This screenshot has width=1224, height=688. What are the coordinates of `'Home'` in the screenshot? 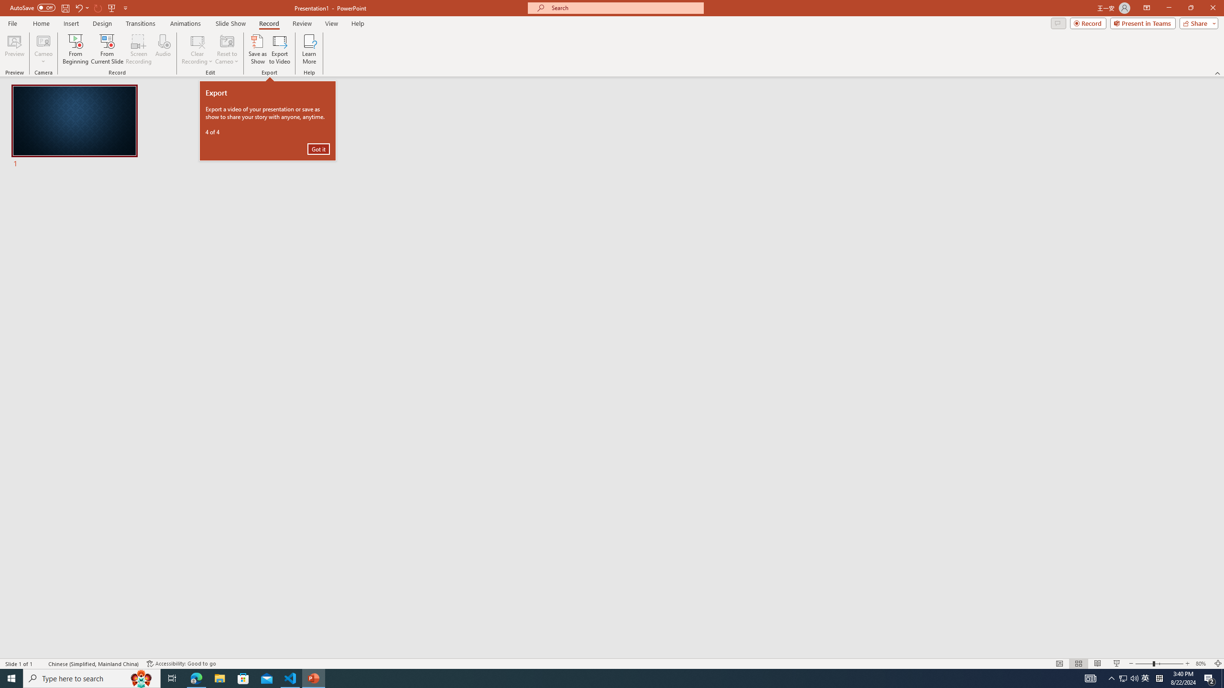 It's located at (41, 23).